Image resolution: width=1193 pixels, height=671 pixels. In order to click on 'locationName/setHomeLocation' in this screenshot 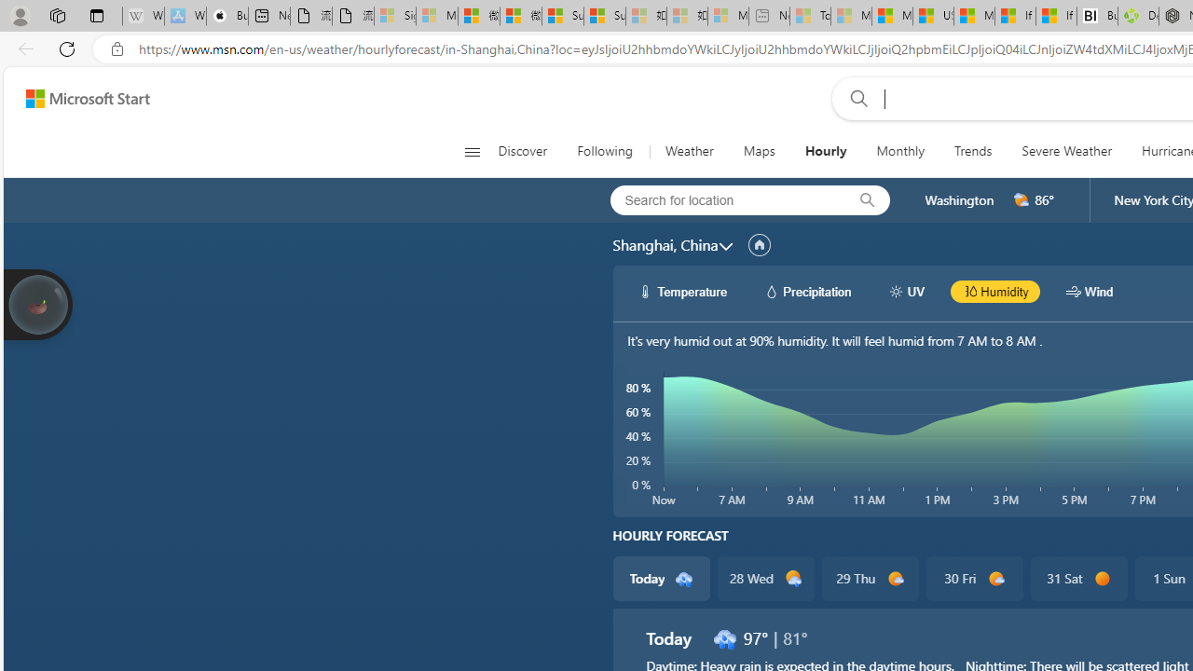, I will do `click(759, 244)`.